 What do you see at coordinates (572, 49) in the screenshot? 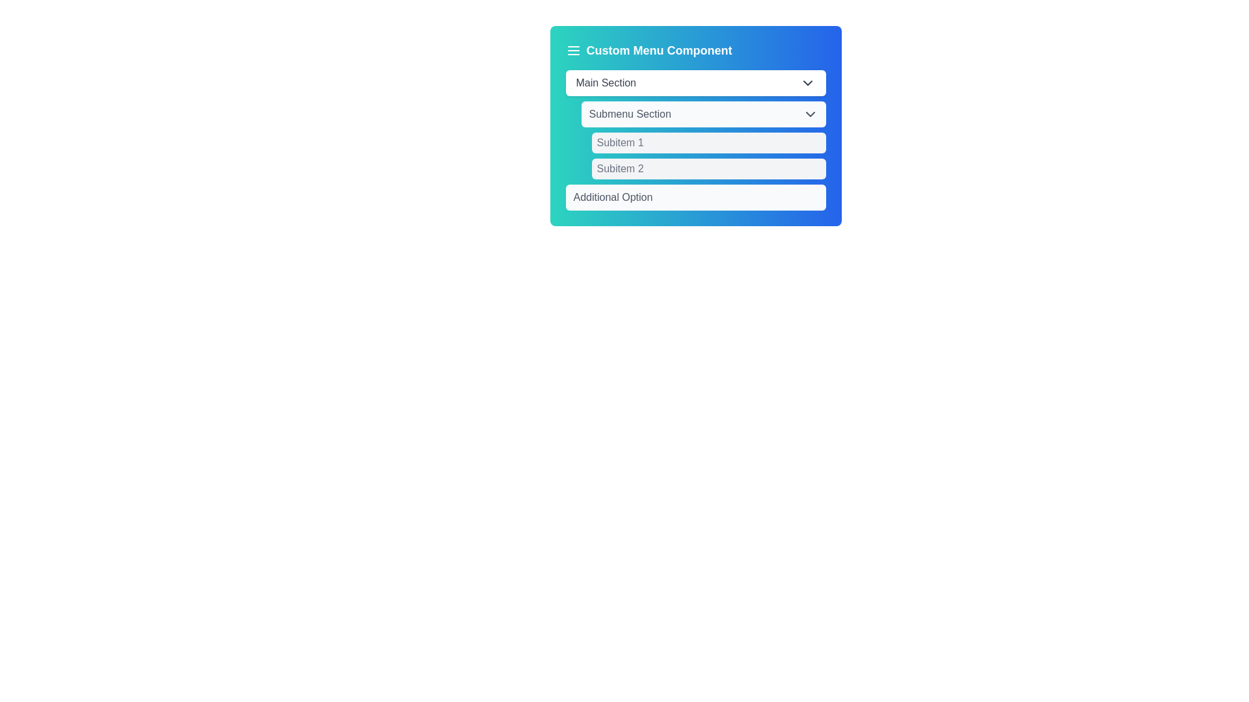
I see `the 'menu' or 'hamburger' icon located to the left of the 'Custom Menu Component' text` at bounding box center [572, 49].